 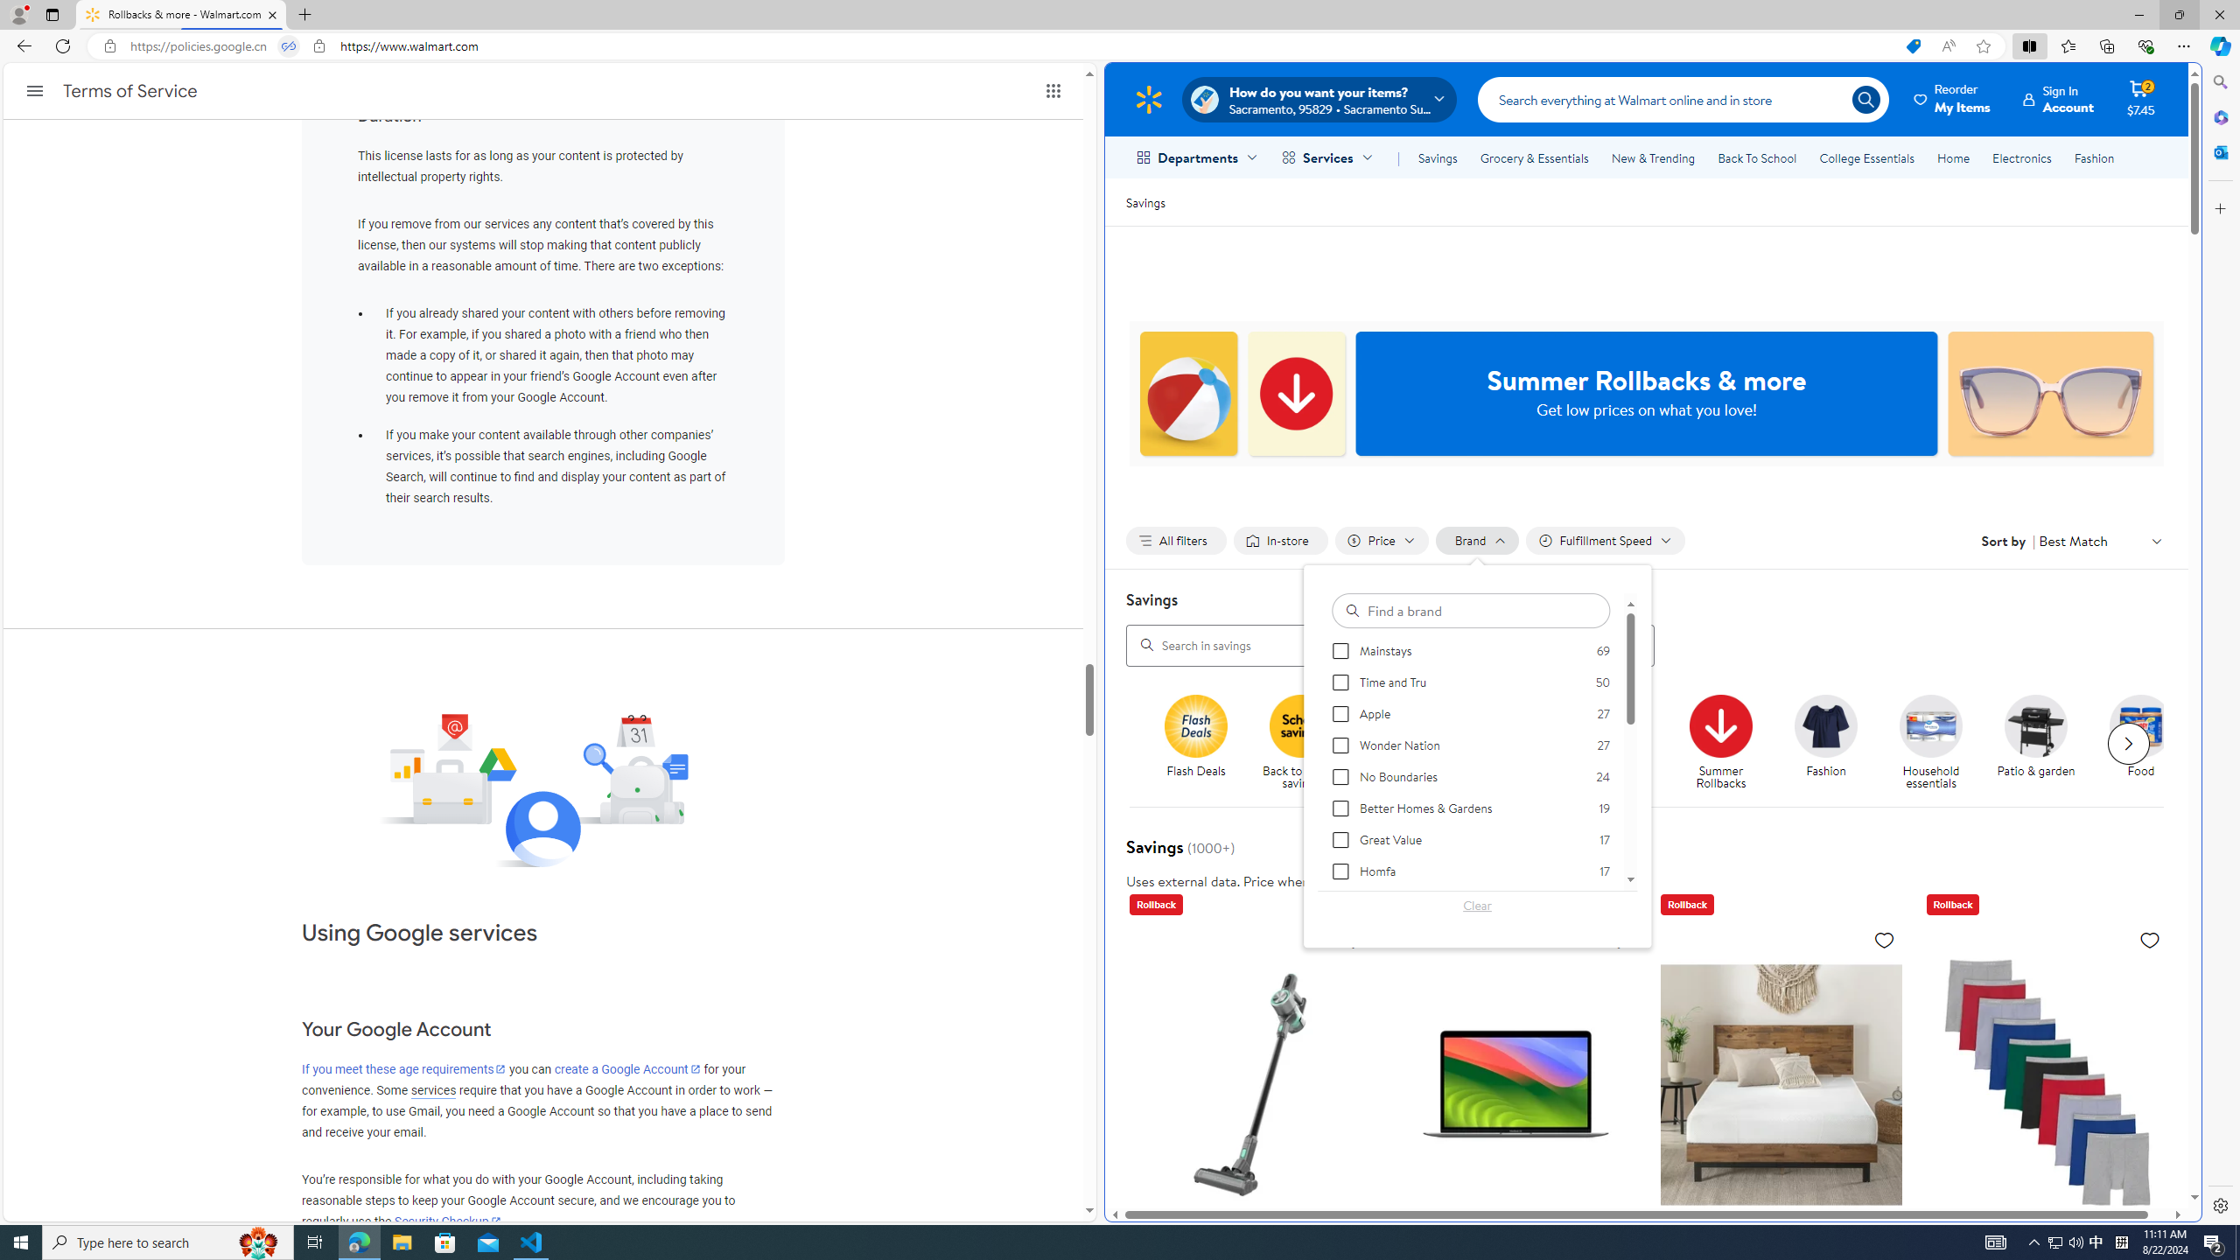 What do you see at coordinates (1865, 157) in the screenshot?
I see `'College Essentials'` at bounding box center [1865, 157].